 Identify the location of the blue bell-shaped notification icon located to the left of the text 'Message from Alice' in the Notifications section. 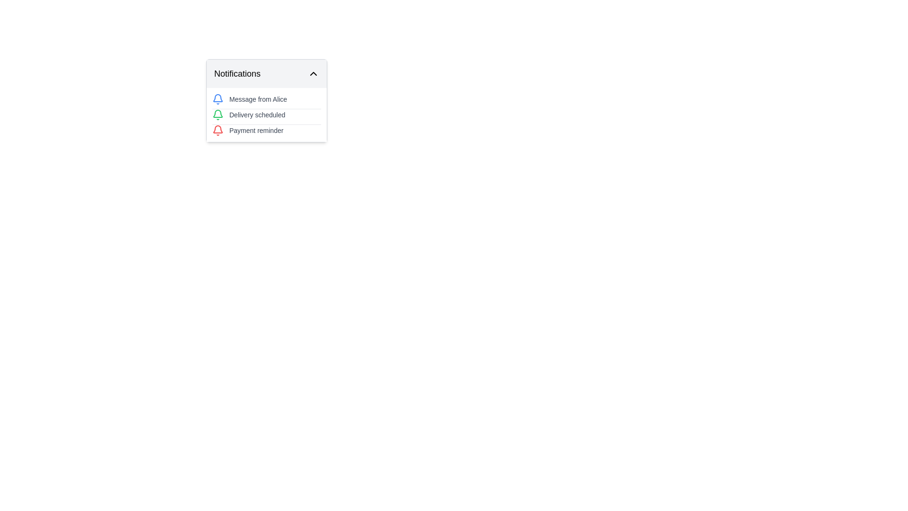
(217, 99).